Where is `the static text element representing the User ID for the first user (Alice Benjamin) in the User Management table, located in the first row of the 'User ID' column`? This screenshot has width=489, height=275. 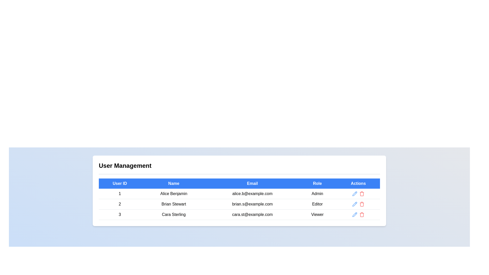
the static text element representing the User ID for the first user (Alice Benjamin) in the User Management table, located in the first row of the 'User ID' column is located at coordinates (119, 194).